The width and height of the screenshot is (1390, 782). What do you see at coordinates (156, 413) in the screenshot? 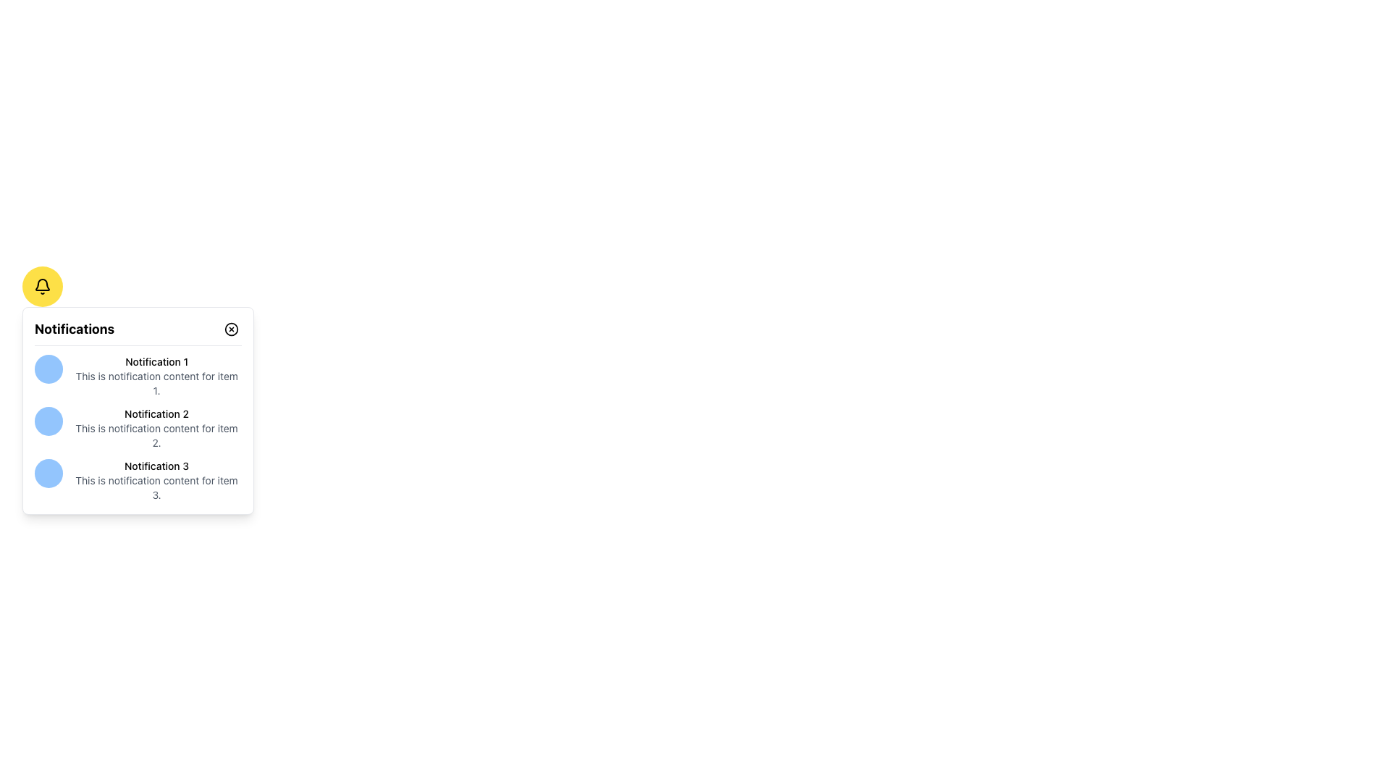
I see `the 'Notification 2' text label located in the second notification item of the notification list` at bounding box center [156, 413].